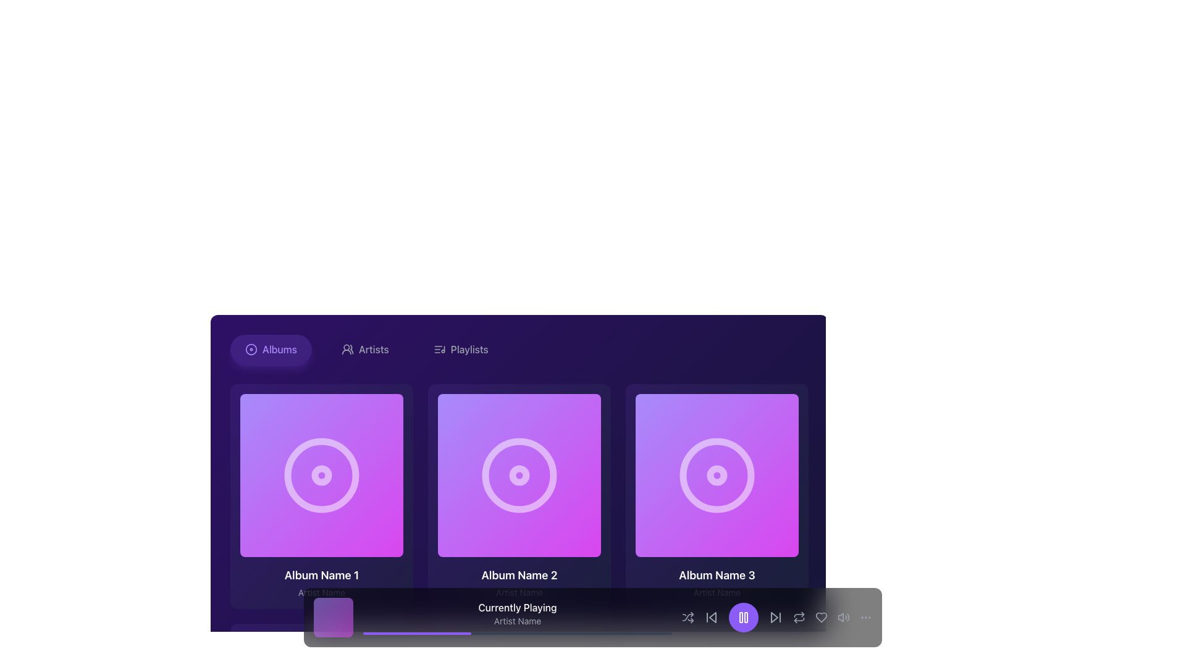 Image resolution: width=1186 pixels, height=667 pixels. Describe the element at coordinates (519, 475) in the screenshot. I see `the interactive visual album preview component representing 'Album Name 2' to play or open it` at that location.